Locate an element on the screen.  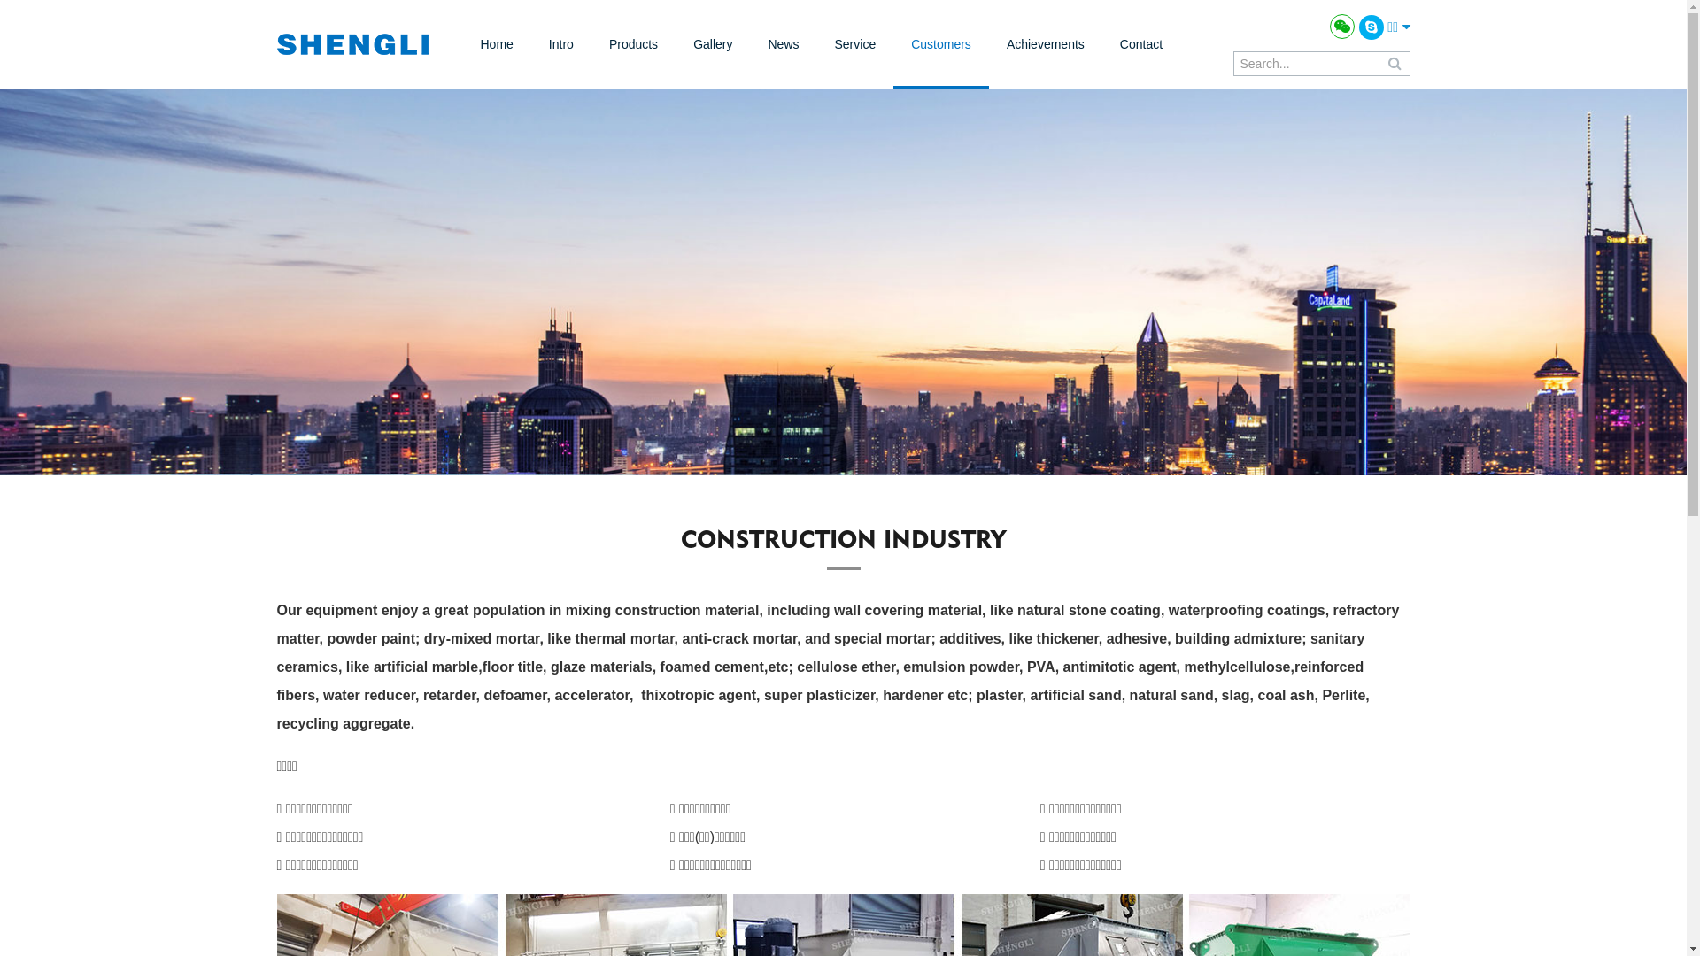
'Home' is located at coordinates (496, 43).